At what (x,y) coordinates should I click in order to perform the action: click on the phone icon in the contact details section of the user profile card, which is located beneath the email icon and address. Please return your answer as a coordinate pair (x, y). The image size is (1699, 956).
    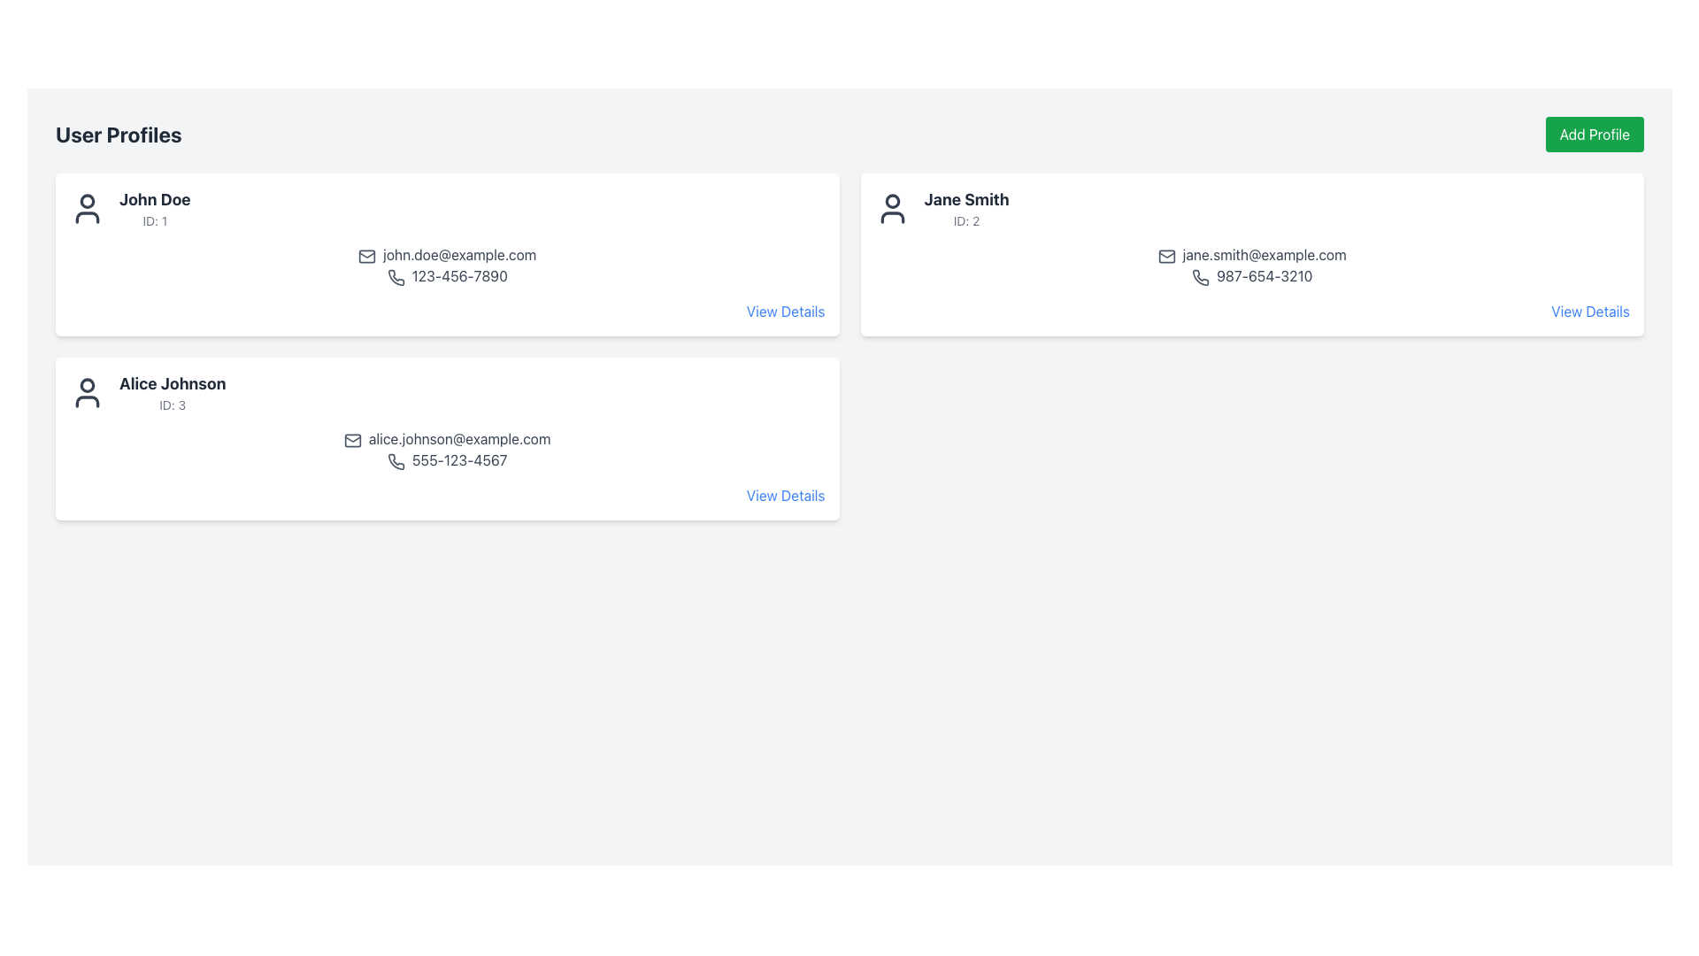
    Looking at the image, I should click on (395, 277).